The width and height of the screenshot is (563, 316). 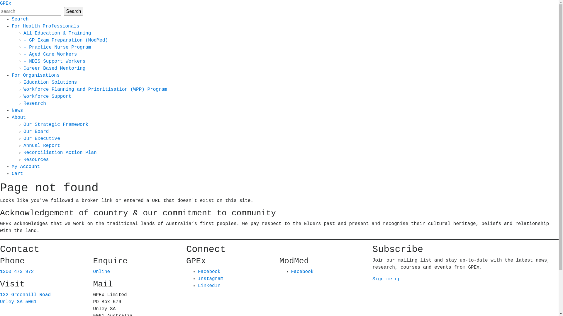 What do you see at coordinates (35, 75) in the screenshot?
I see `'For Organisations'` at bounding box center [35, 75].